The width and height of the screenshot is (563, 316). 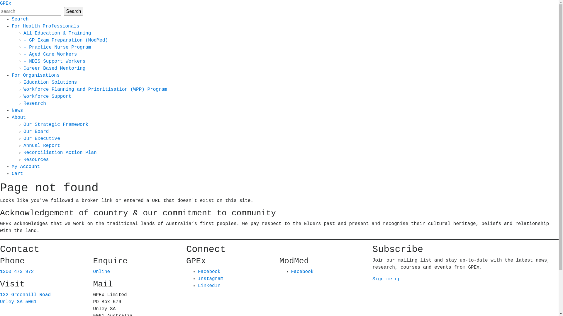 What do you see at coordinates (35, 75) in the screenshot?
I see `'For Organisations'` at bounding box center [35, 75].